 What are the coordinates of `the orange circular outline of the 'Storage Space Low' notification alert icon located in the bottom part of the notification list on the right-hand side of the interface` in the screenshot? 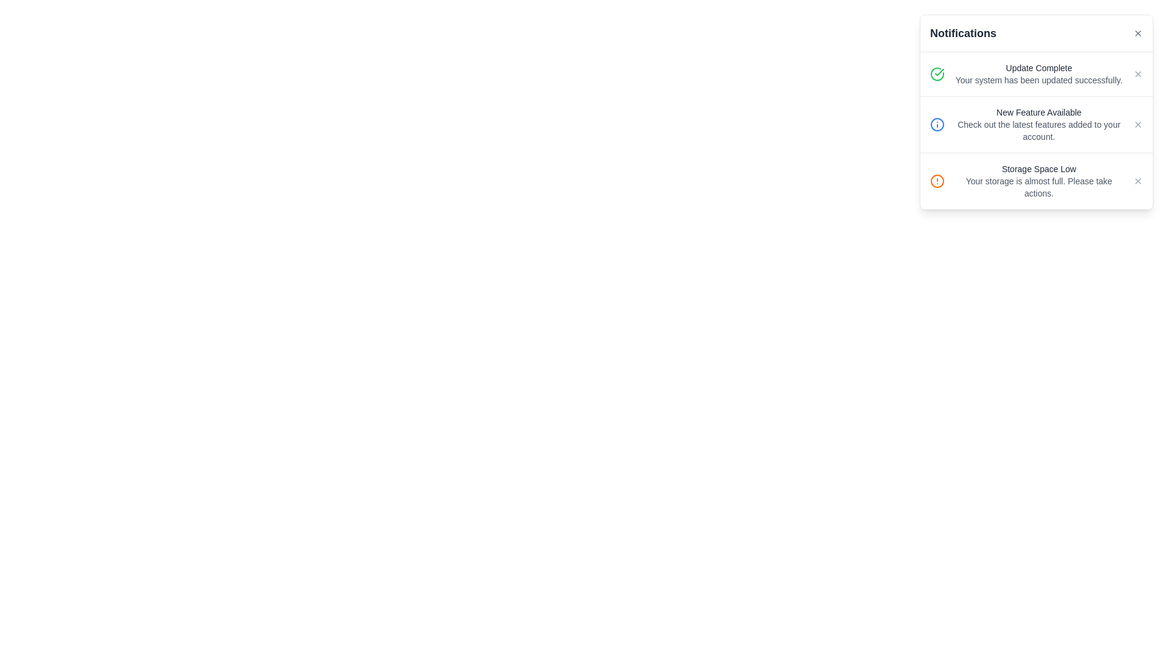 It's located at (936, 181).